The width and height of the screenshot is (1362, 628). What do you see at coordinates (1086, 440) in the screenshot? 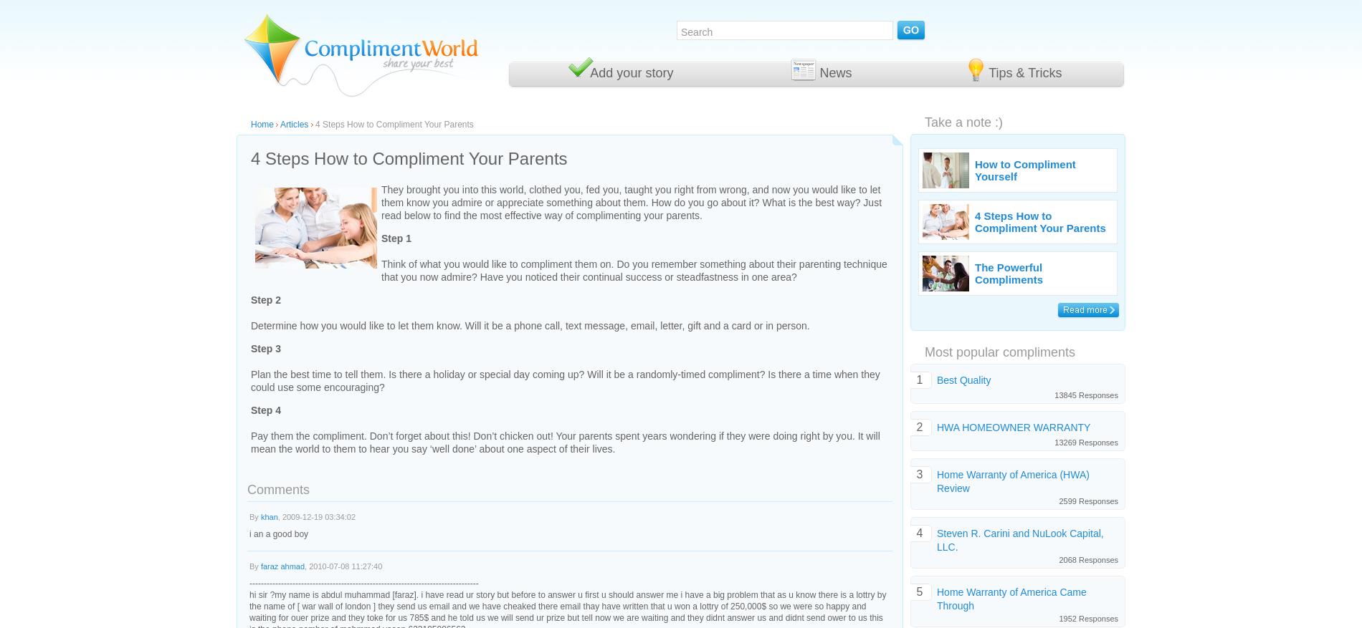
I see `'13269 Responses'` at bounding box center [1086, 440].